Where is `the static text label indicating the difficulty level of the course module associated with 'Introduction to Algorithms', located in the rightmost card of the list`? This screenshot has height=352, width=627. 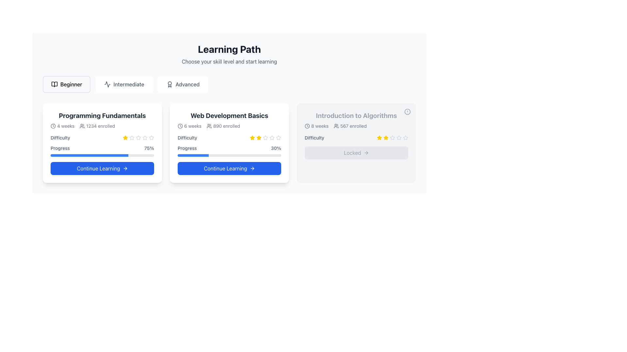 the static text label indicating the difficulty level of the course module associated with 'Introduction to Algorithms', located in the rightmost card of the list is located at coordinates (314, 138).